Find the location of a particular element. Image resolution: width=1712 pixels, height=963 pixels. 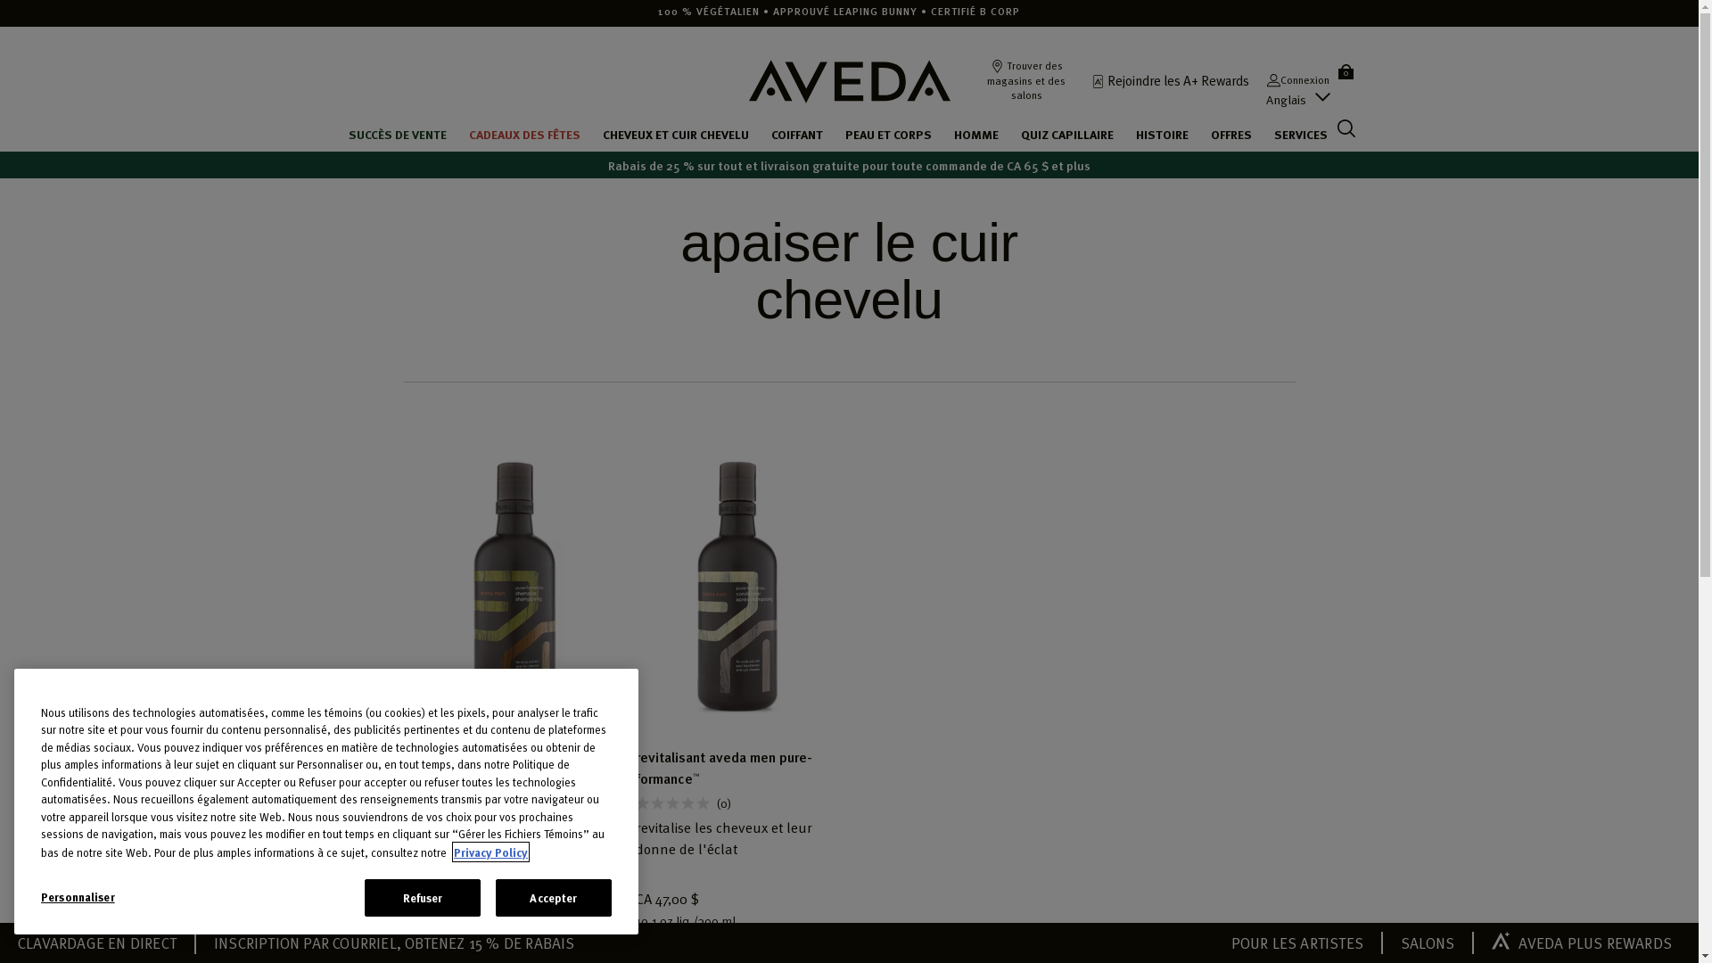

'CLAVARDAGE EN DIRECT' is located at coordinates (96, 941).